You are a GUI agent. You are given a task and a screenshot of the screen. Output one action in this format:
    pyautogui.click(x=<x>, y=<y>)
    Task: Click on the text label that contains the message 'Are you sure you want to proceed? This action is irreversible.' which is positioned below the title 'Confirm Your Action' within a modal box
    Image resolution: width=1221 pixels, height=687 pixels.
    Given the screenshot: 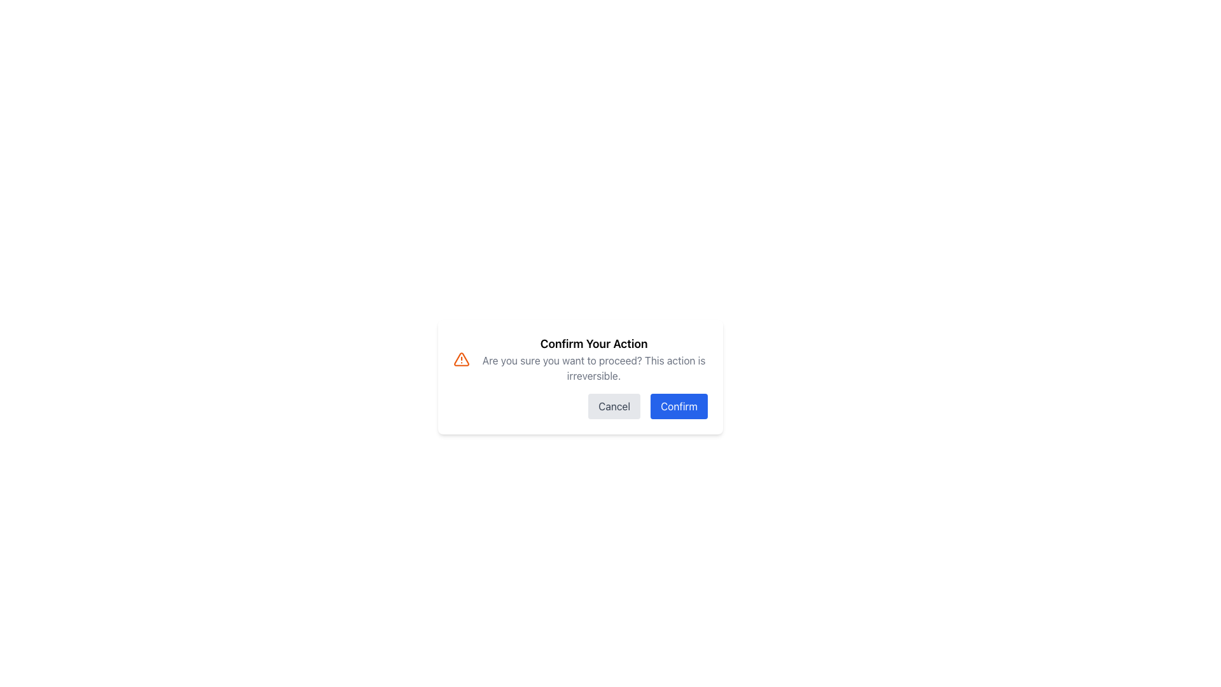 What is the action you would take?
    pyautogui.click(x=593, y=368)
    